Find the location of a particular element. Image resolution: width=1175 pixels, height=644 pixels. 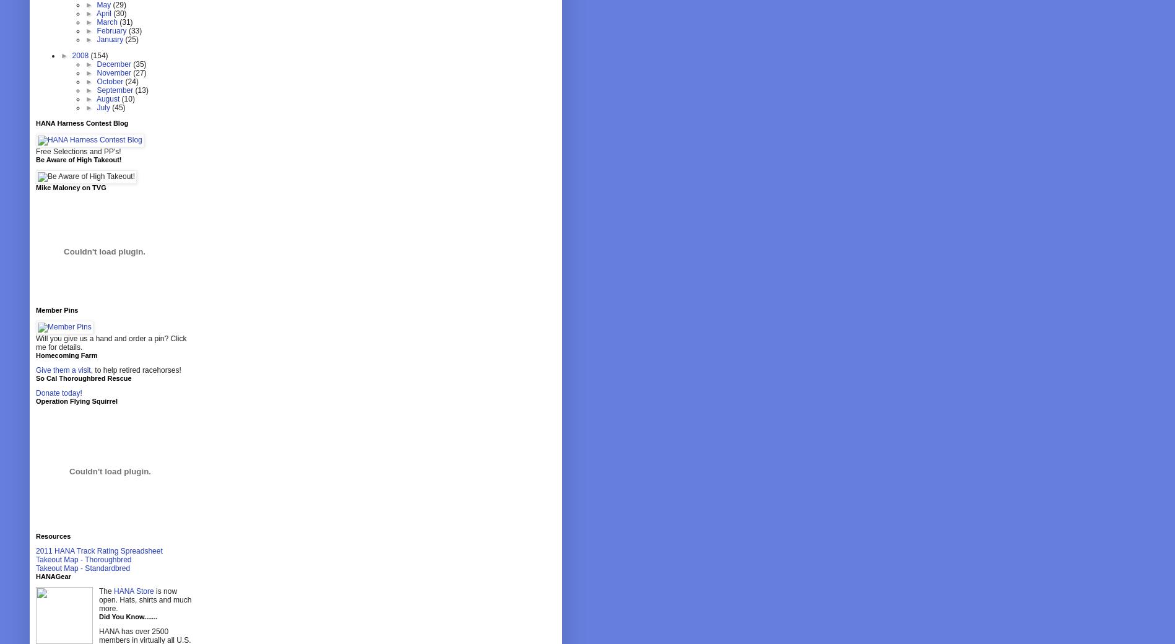

'November' is located at coordinates (114, 72).